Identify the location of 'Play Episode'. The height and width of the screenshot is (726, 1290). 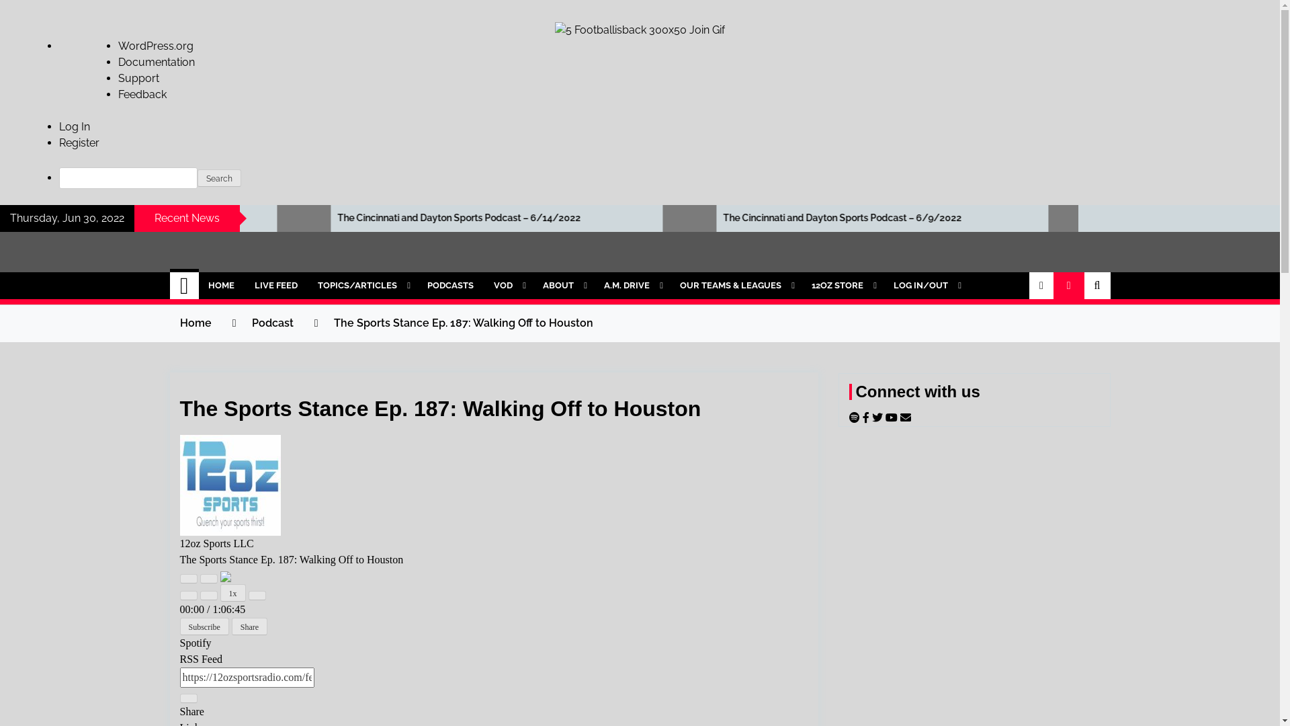
(188, 577).